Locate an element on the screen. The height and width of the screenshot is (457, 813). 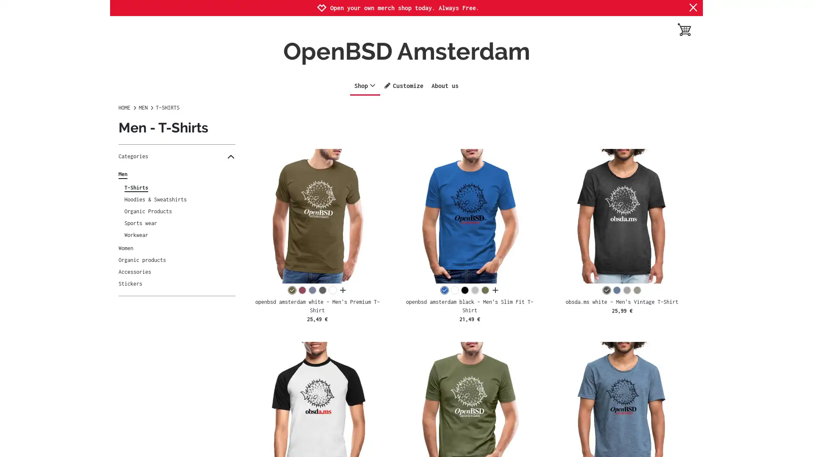
khaki green is located at coordinates (485, 290).